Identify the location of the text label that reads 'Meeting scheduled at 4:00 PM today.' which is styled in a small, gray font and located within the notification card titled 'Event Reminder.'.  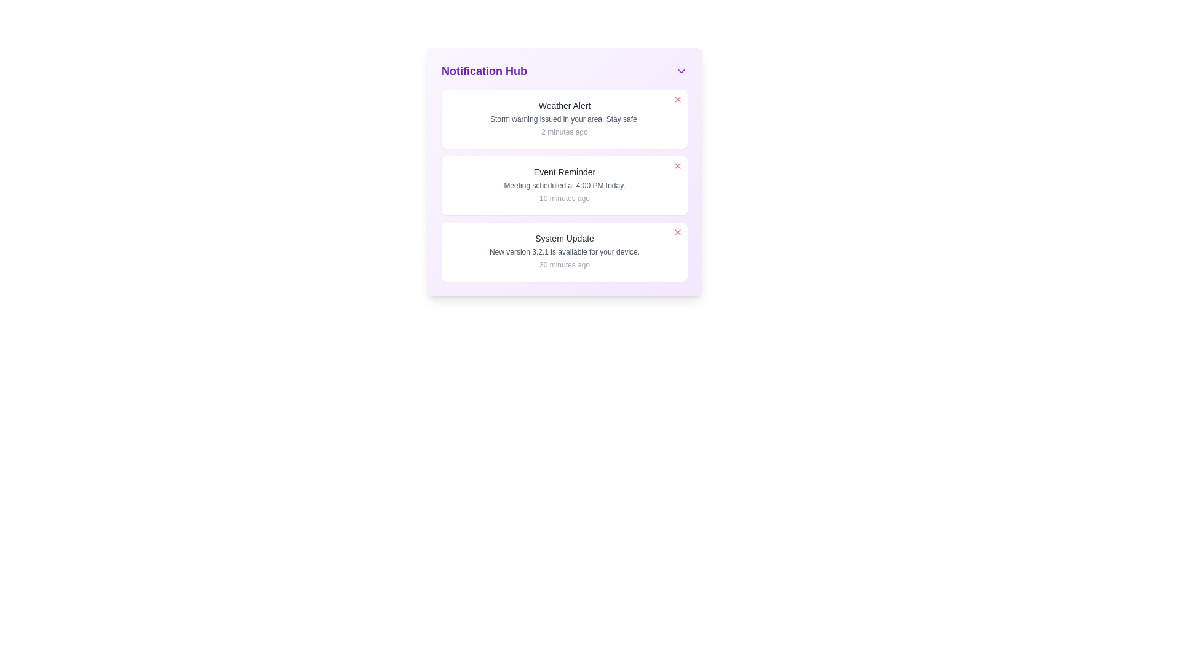
(563, 185).